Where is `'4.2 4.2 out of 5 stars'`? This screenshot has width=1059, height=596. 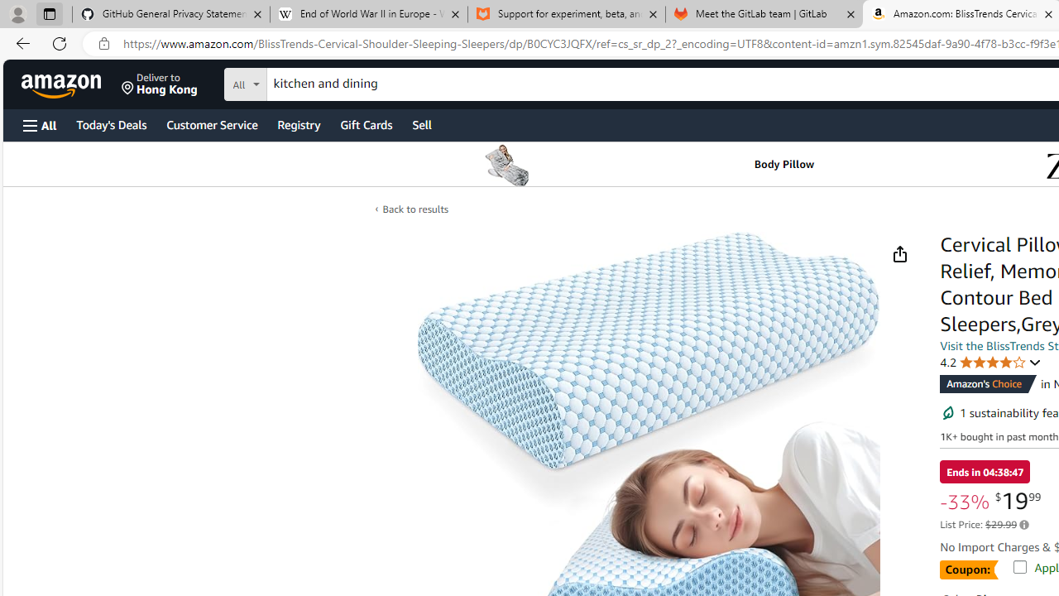 '4.2 4.2 out of 5 stars' is located at coordinates (991, 361).